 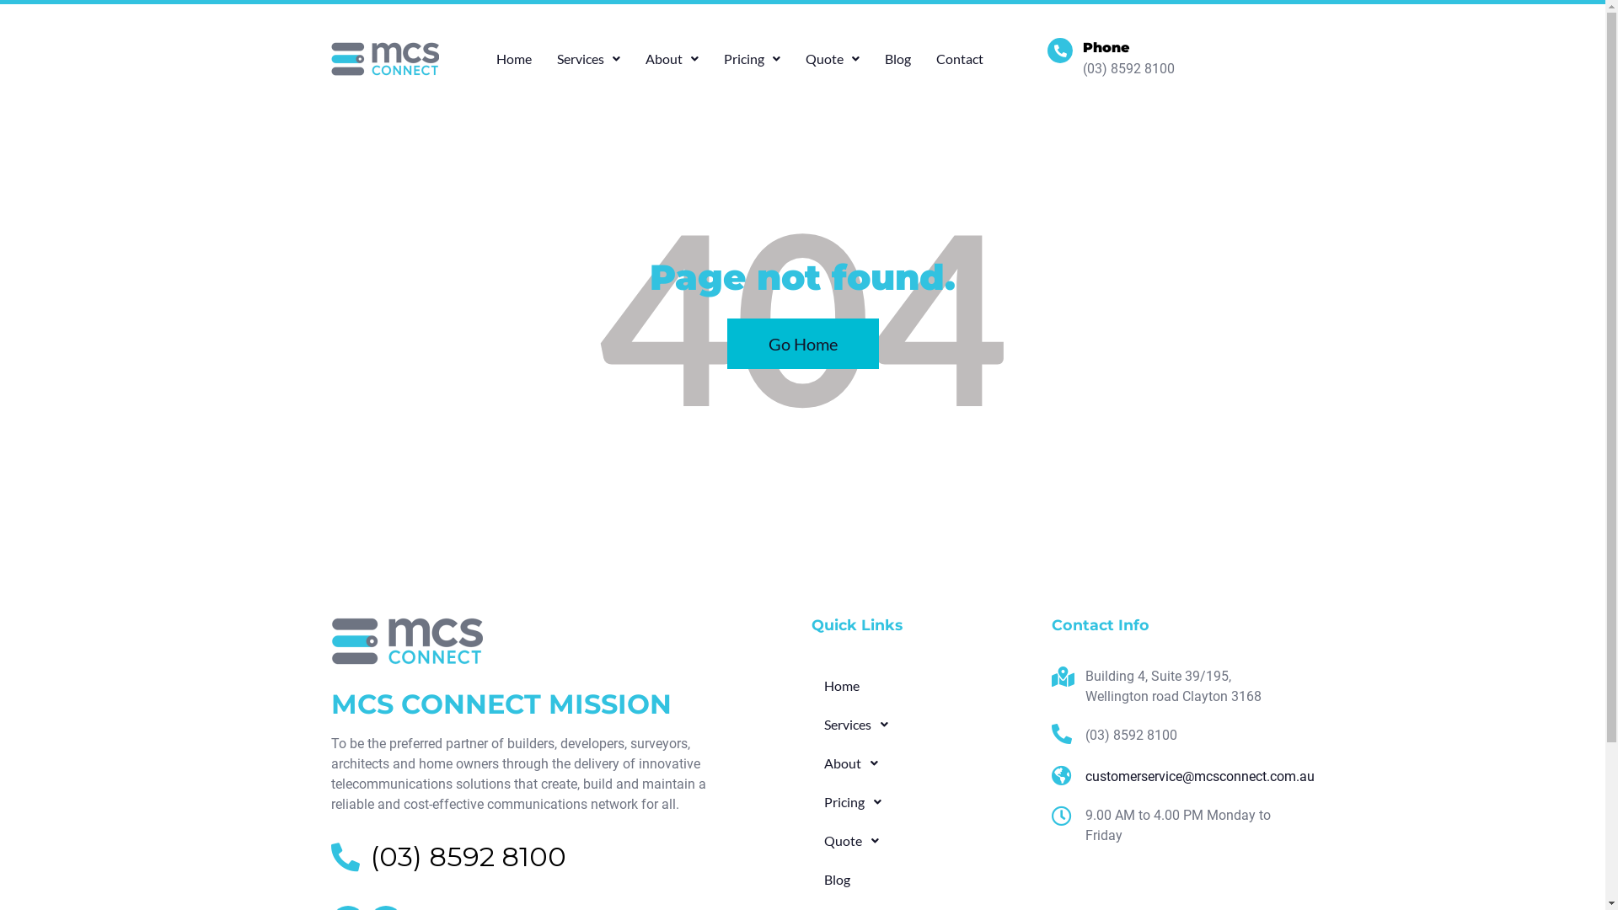 What do you see at coordinates (671, 57) in the screenshot?
I see `'About'` at bounding box center [671, 57].